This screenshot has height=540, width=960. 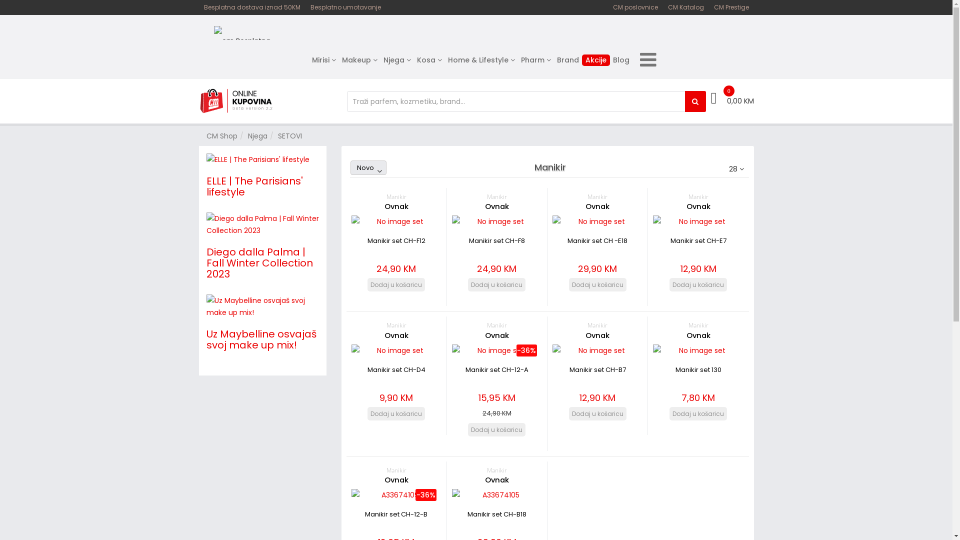 What do you see at coordinates (670, 240) in the screenshot?
I see `'Manikir set CH-E7'` at bounding box center [670, 240].